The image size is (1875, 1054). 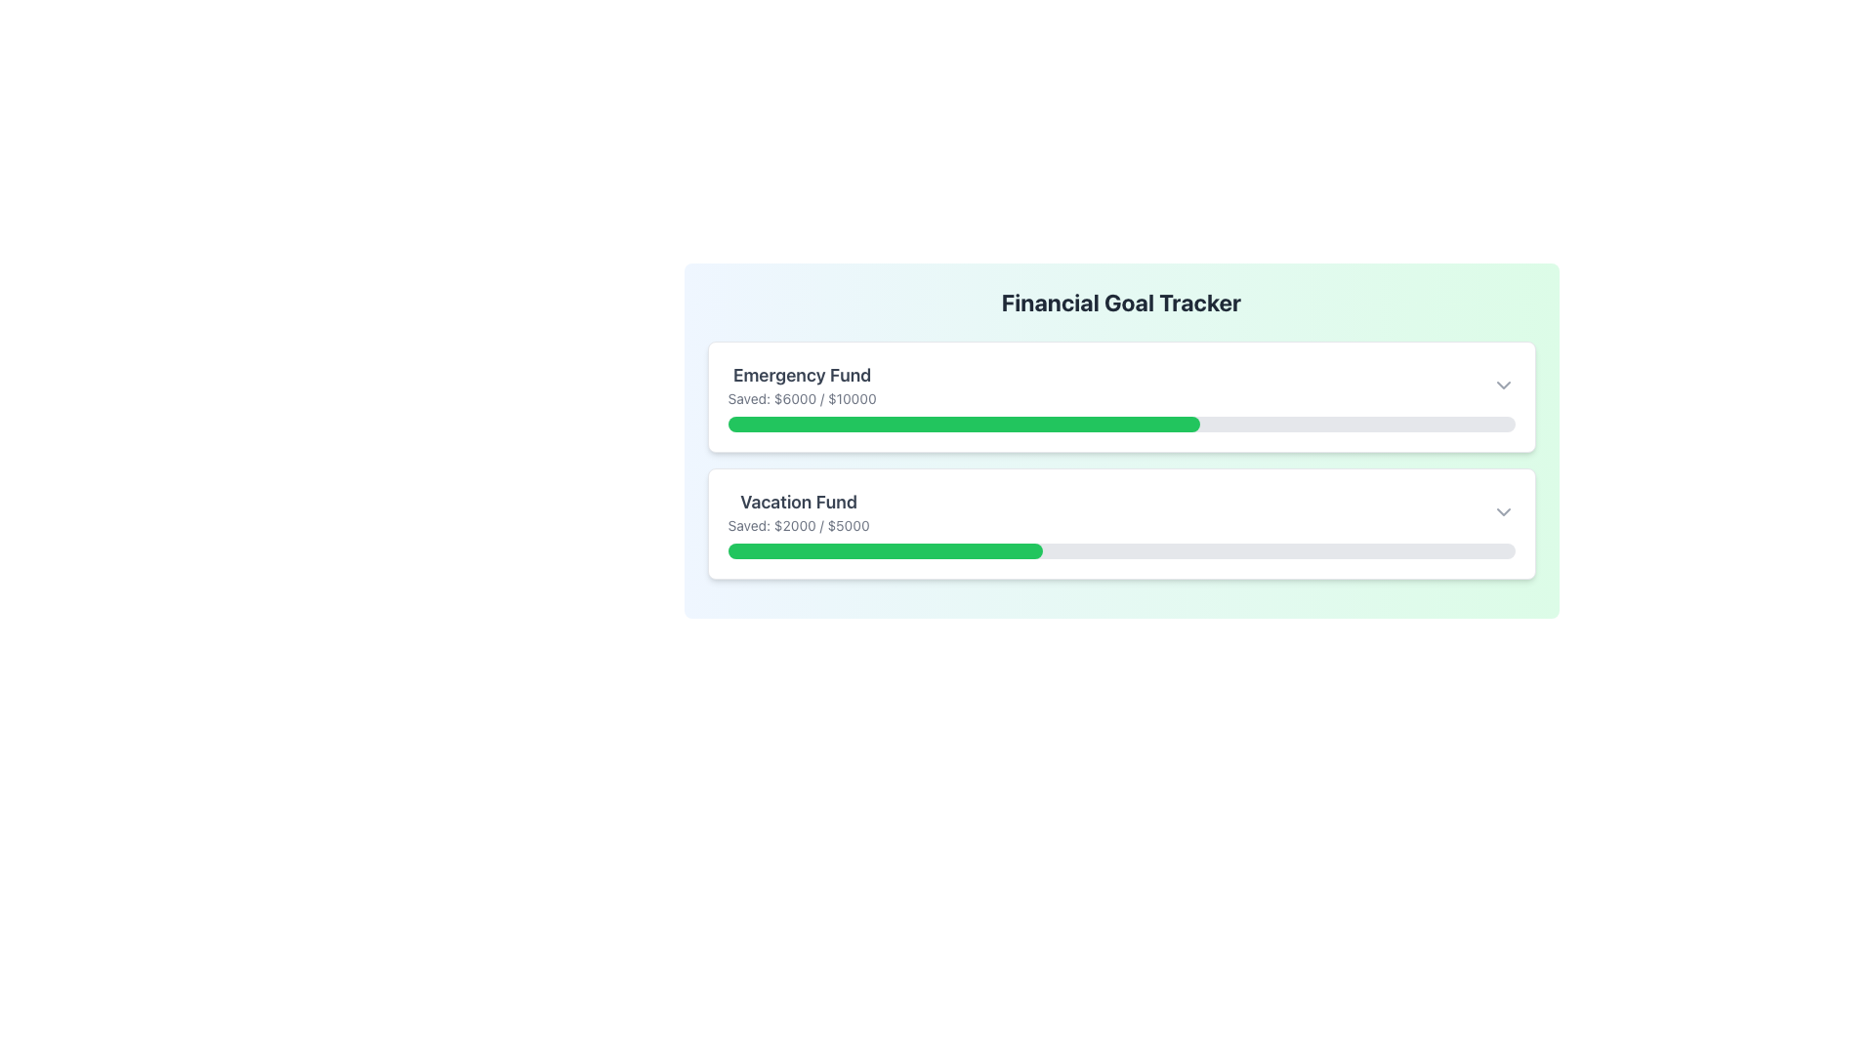 I want to click on the dropdown toggle button located at the top-right corner of the 'Vacation Fund' section to change its color, so click(x=1502, y=510).